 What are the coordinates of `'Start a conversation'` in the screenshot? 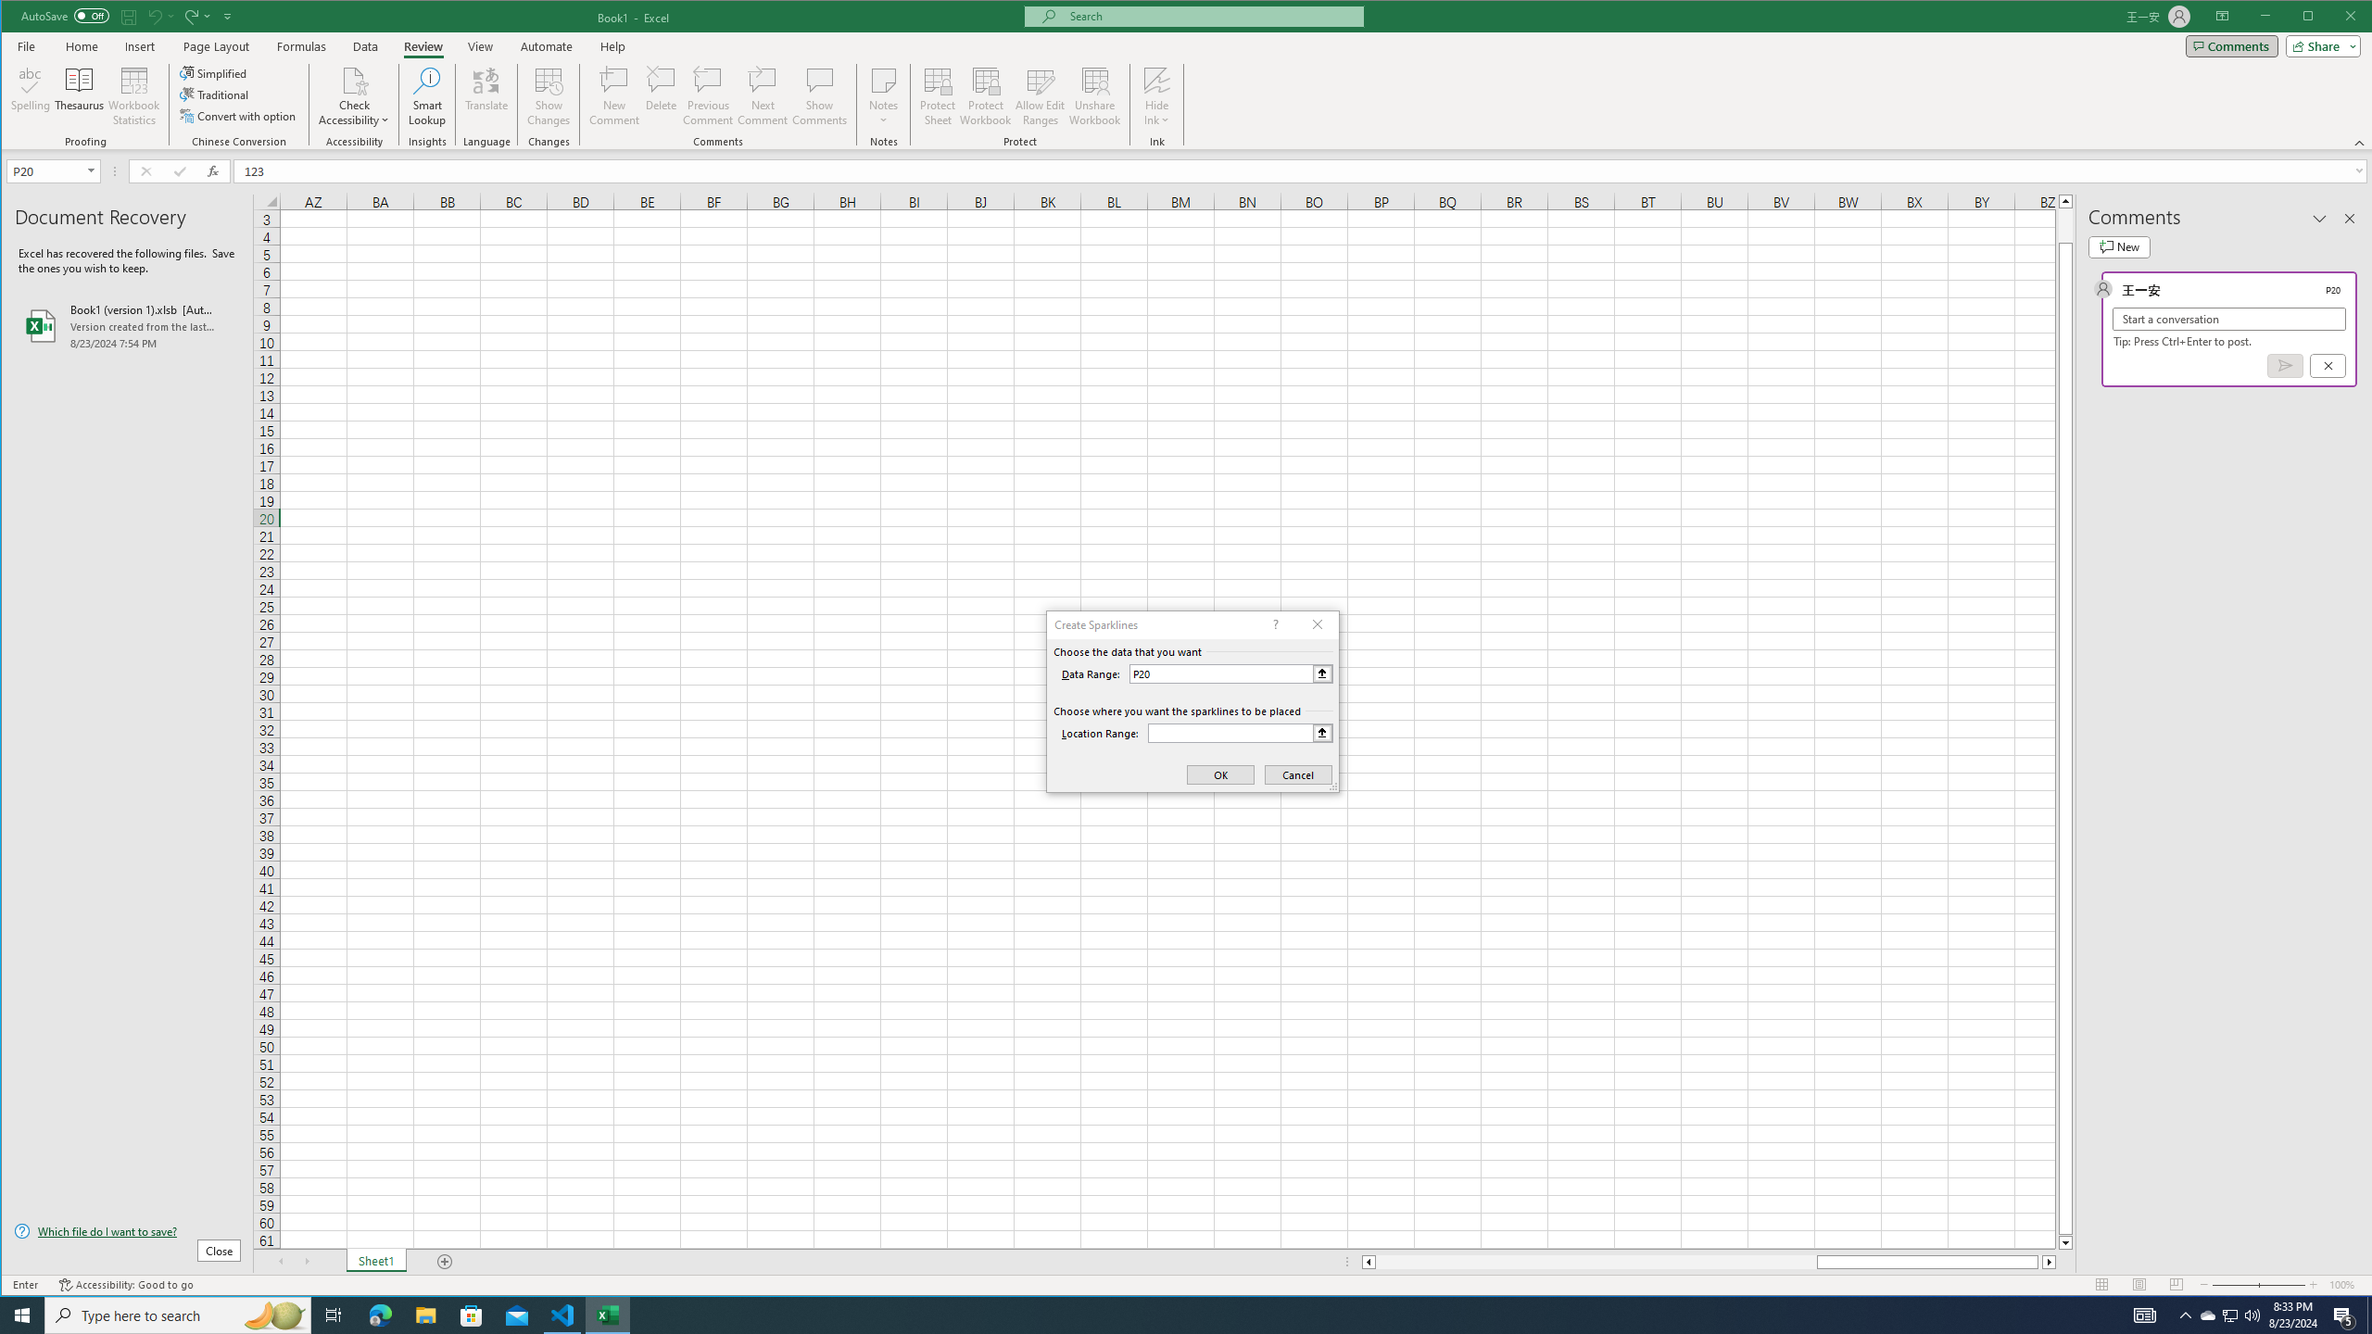 It's located at (2228, 319).